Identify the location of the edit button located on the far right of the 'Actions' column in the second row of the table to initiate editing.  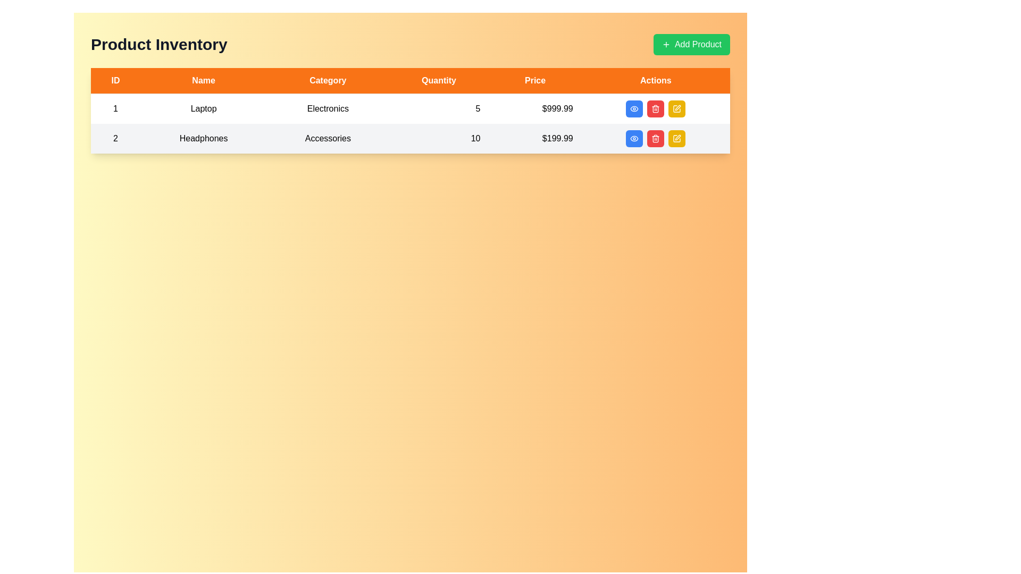
(676, 108).